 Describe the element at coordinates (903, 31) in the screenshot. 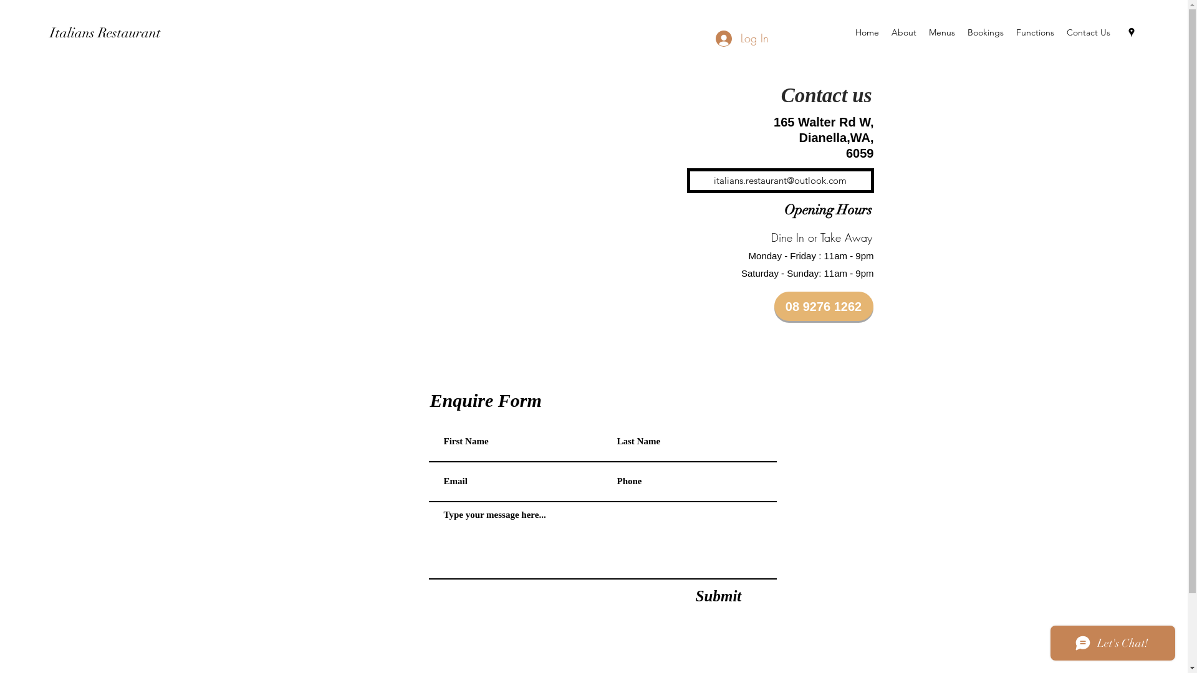

I see `'About'` at that location.